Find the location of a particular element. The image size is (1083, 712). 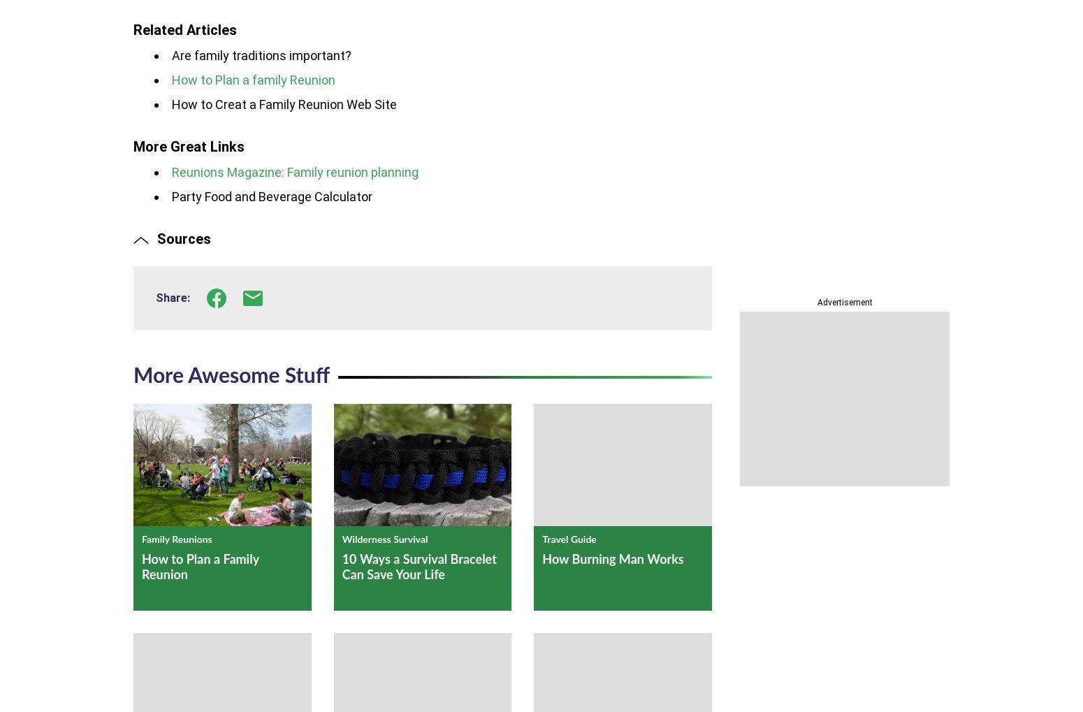

'More Great Links' is located at coordinates (189, 146).